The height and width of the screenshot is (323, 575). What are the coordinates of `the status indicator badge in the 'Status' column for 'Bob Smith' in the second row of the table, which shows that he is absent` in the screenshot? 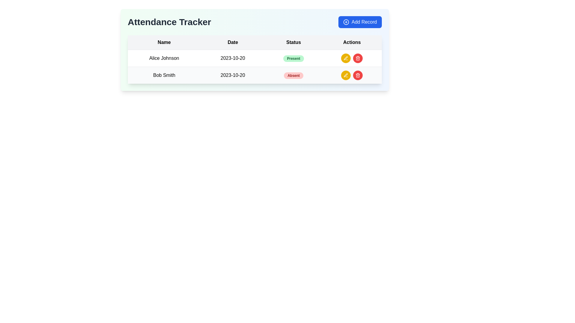 It's located at (293, 75).